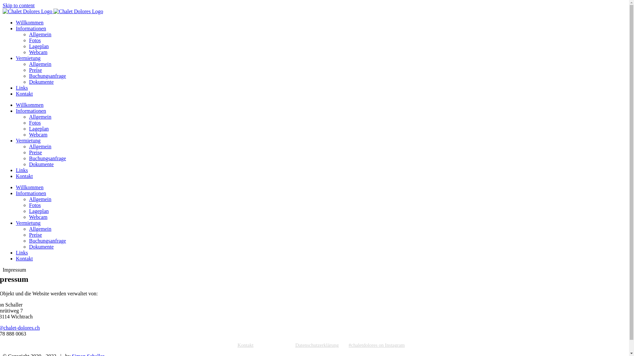 The height and width of the screenshot is (356, 634). What do you see at coordinates (39, 46) in the screenshot?
I see `'Lageplan'` at bounding box center [39, 46].